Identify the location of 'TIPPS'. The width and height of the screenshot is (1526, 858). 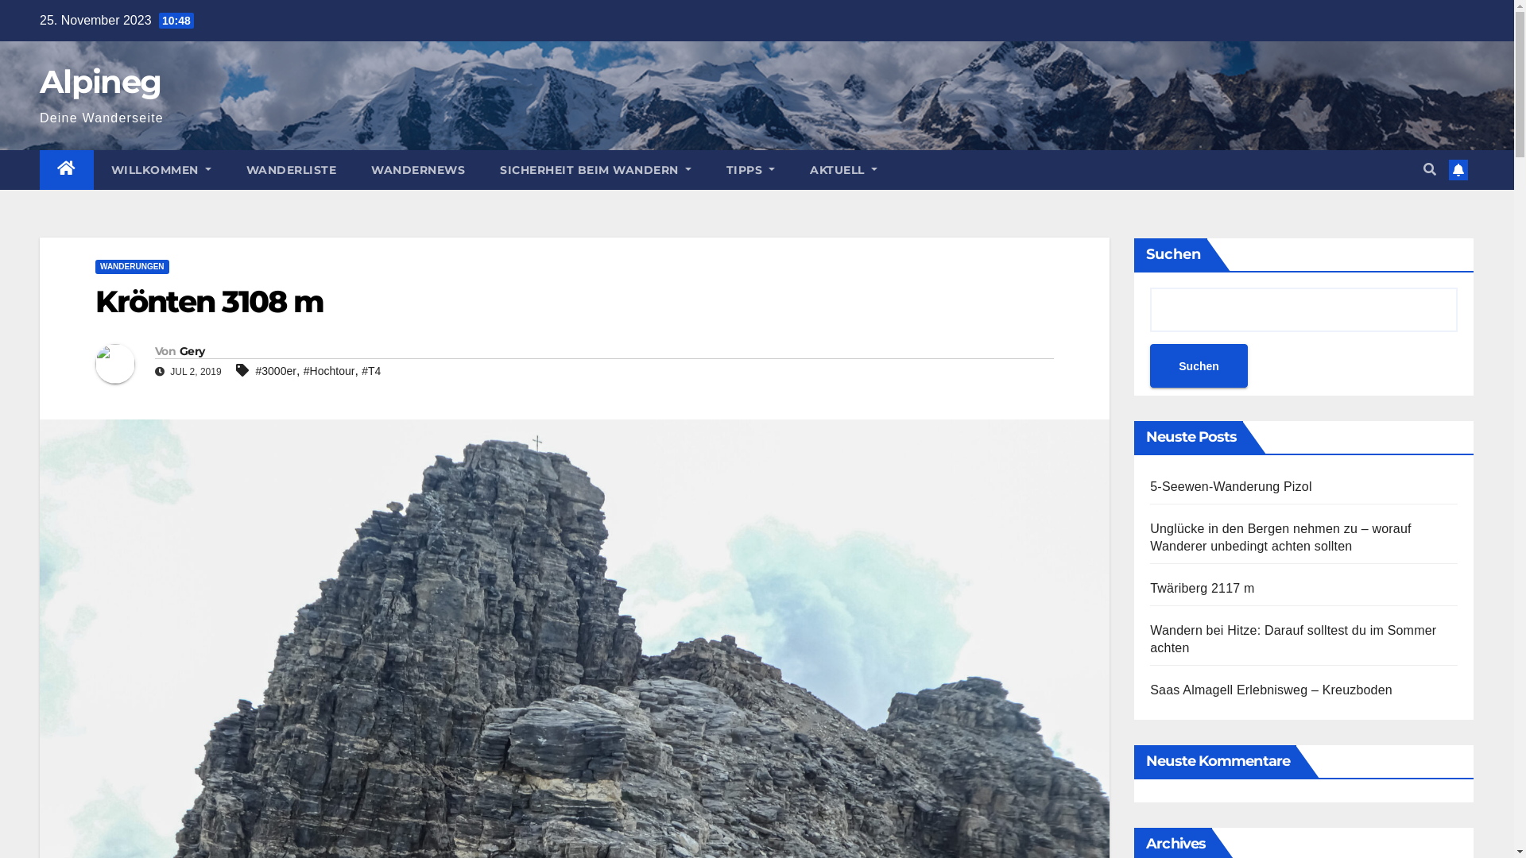
(708, 169).